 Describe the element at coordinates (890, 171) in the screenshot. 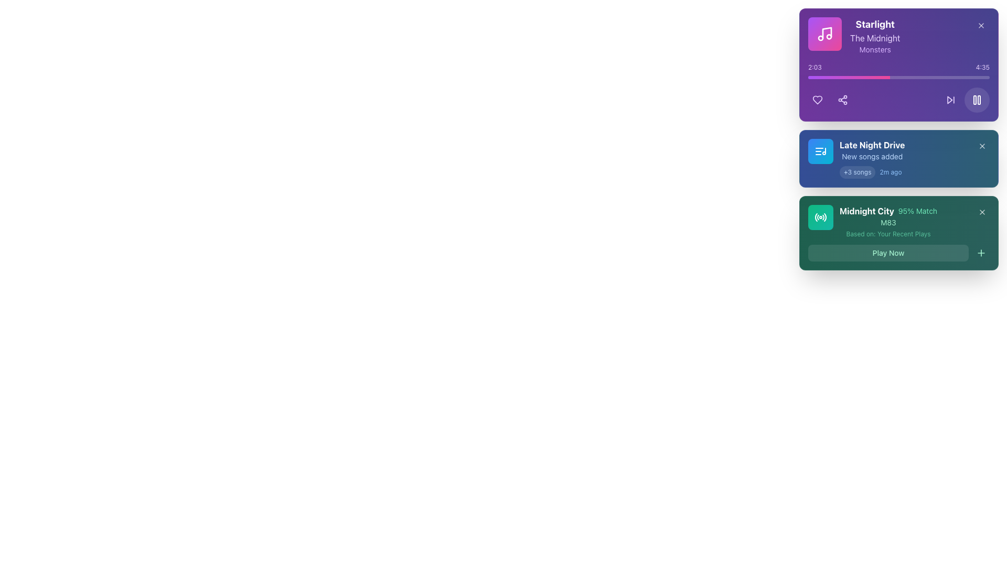

I see `the informative label displaying '2m ago', which is styled in small blue font and located to the right of the text '+3 songs' in the second widget box` at that location.